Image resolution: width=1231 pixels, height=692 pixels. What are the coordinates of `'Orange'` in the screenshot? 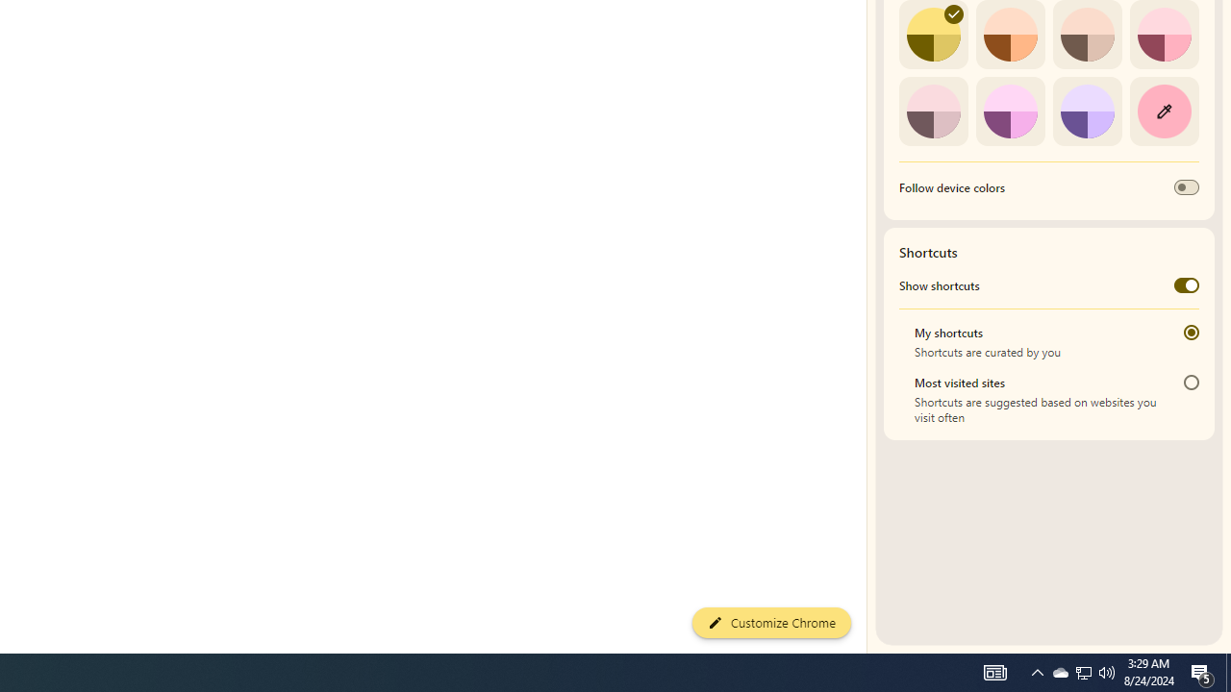 It's located at (1009, 35).